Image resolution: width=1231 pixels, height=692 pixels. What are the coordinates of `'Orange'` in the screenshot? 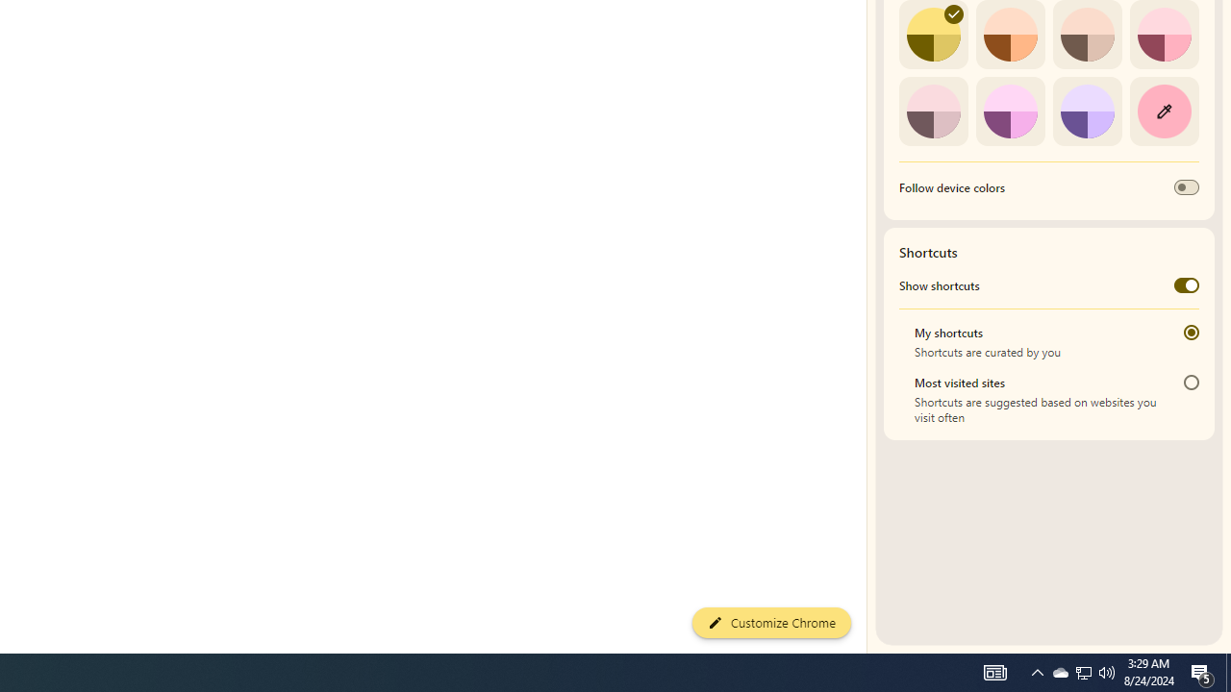 It's located at (1009, 35).